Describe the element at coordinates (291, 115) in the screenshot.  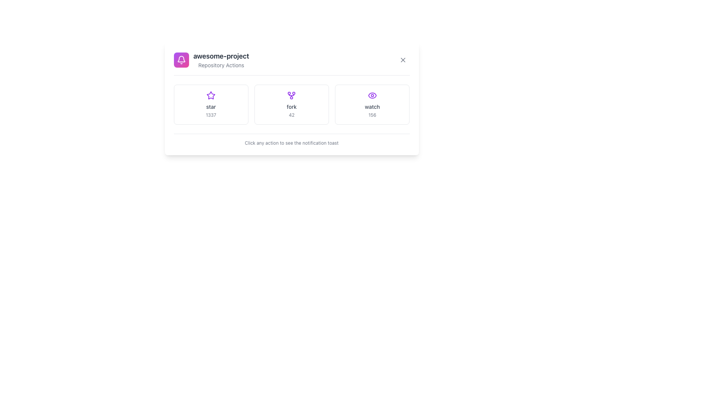
I see `the text label that represents the count of times the related item has been 'forked', located in the third panel from the left, directly below the text 'fork'` at that location.